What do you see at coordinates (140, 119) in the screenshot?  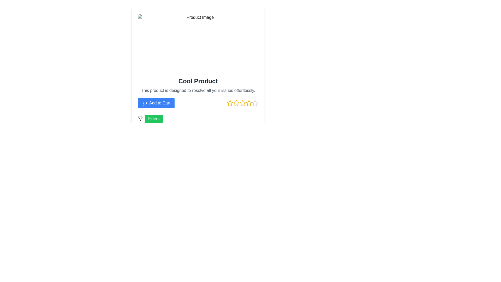 I see `the funnel-shaped icon located within the filter button area, which features a green label with the text 'Filters'` at bounding box center [140, 119].